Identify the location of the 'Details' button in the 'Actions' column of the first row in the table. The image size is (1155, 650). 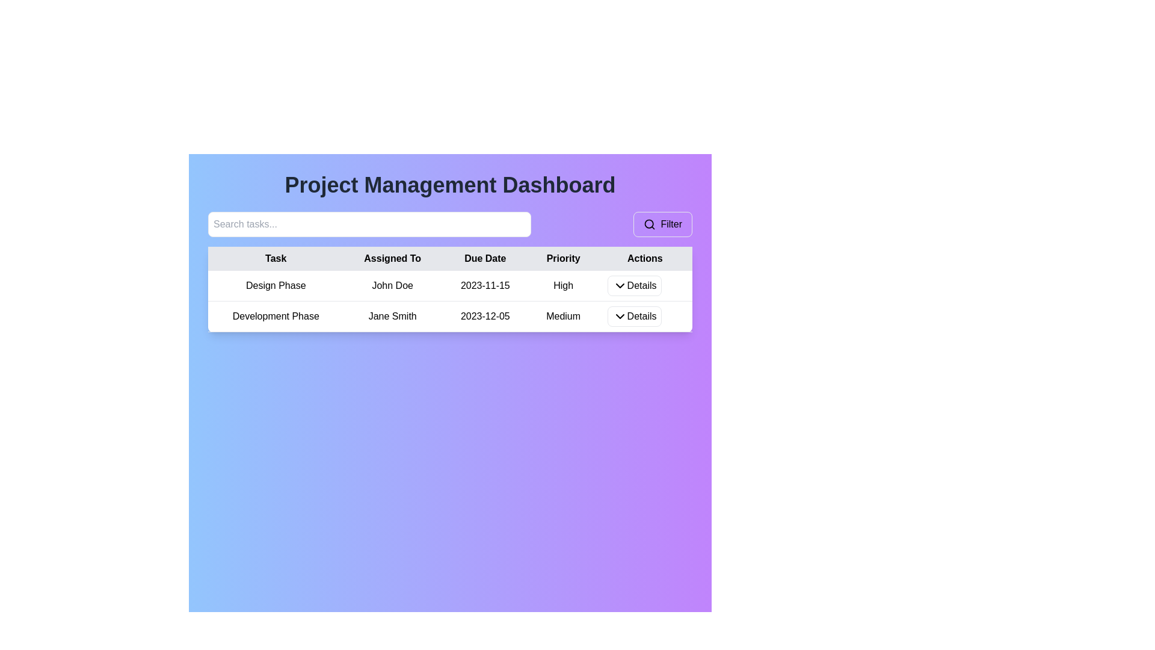
(634, 285).